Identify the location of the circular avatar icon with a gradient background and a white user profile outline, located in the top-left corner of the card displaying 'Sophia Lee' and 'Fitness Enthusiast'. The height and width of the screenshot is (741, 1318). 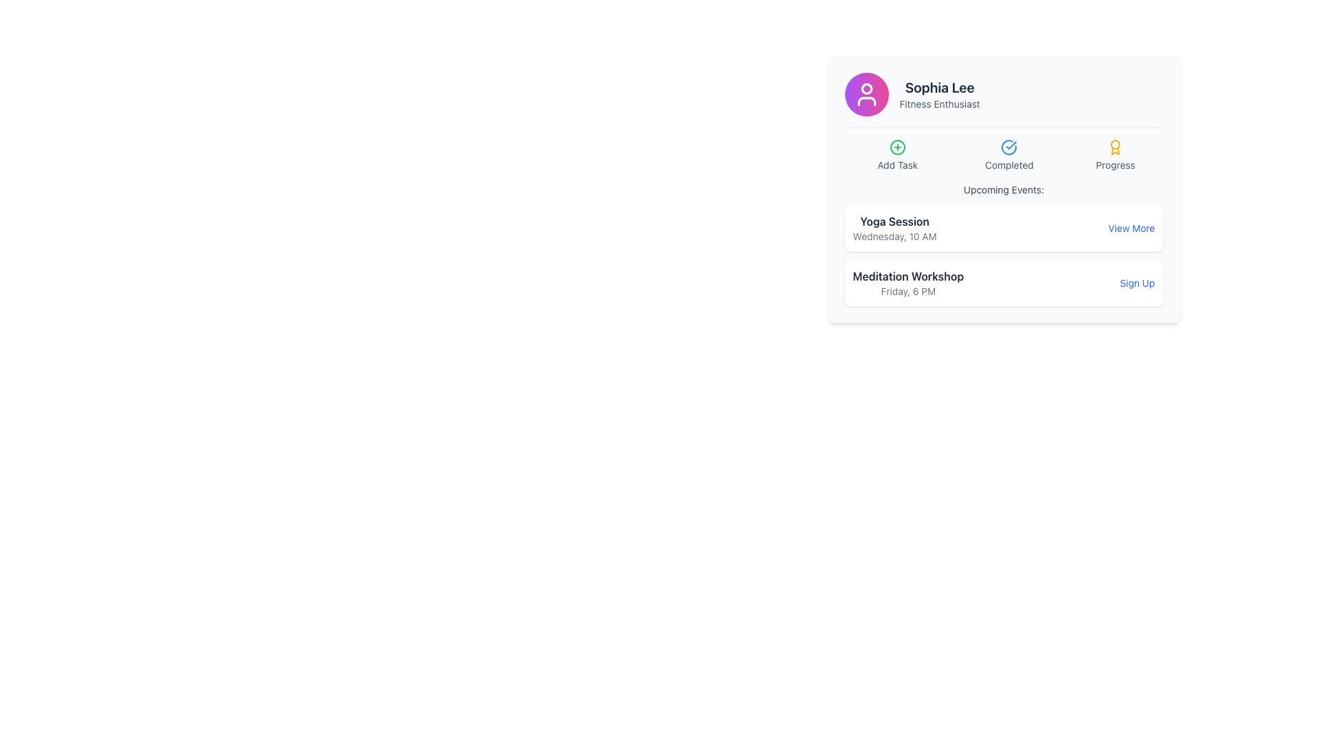
(866, 94).